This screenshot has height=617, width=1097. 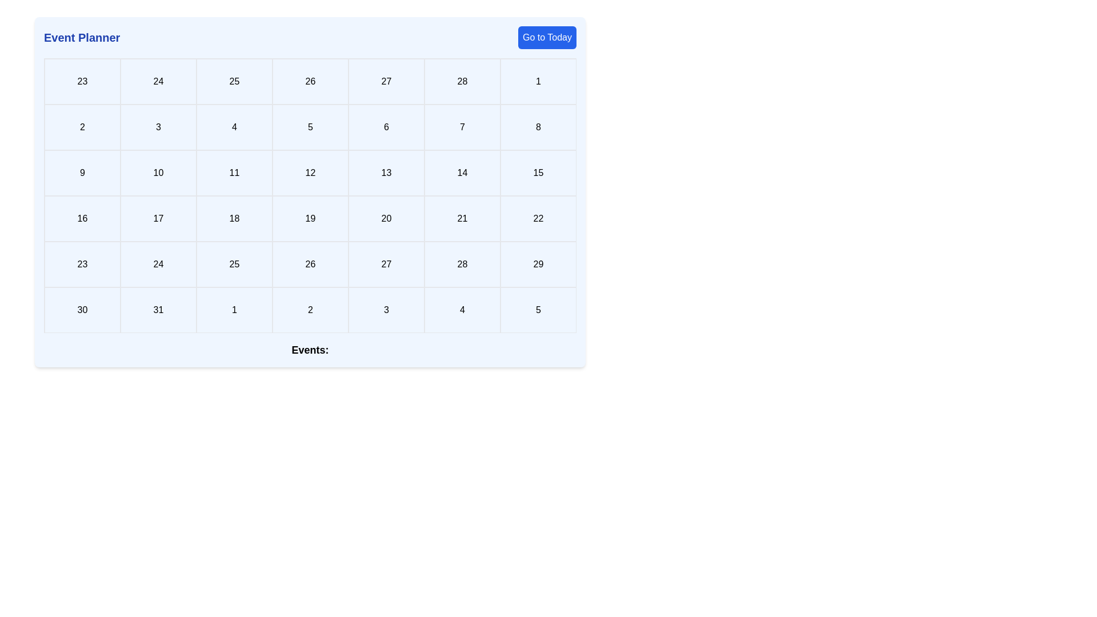 I want to click on the static grid cell located in the second row and fourth column of the 7-column grid layout, which is surrounded by cells labeled '3' and '5', so click(x=234, y=127).